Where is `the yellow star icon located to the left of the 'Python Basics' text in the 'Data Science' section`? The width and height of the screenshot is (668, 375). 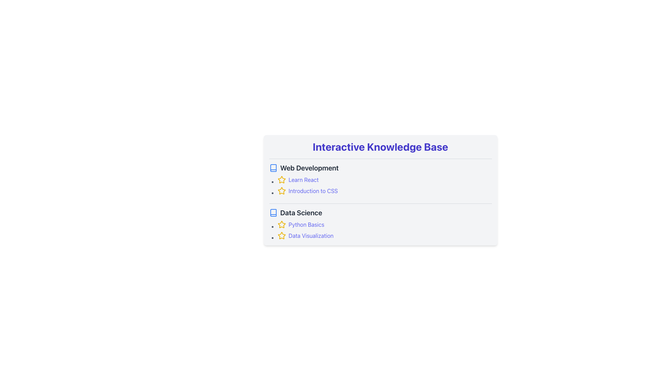 the yellow star icon located to the left of the 'Python Basics' text in the 'Data Science' section is located at coordinates (281, 225).